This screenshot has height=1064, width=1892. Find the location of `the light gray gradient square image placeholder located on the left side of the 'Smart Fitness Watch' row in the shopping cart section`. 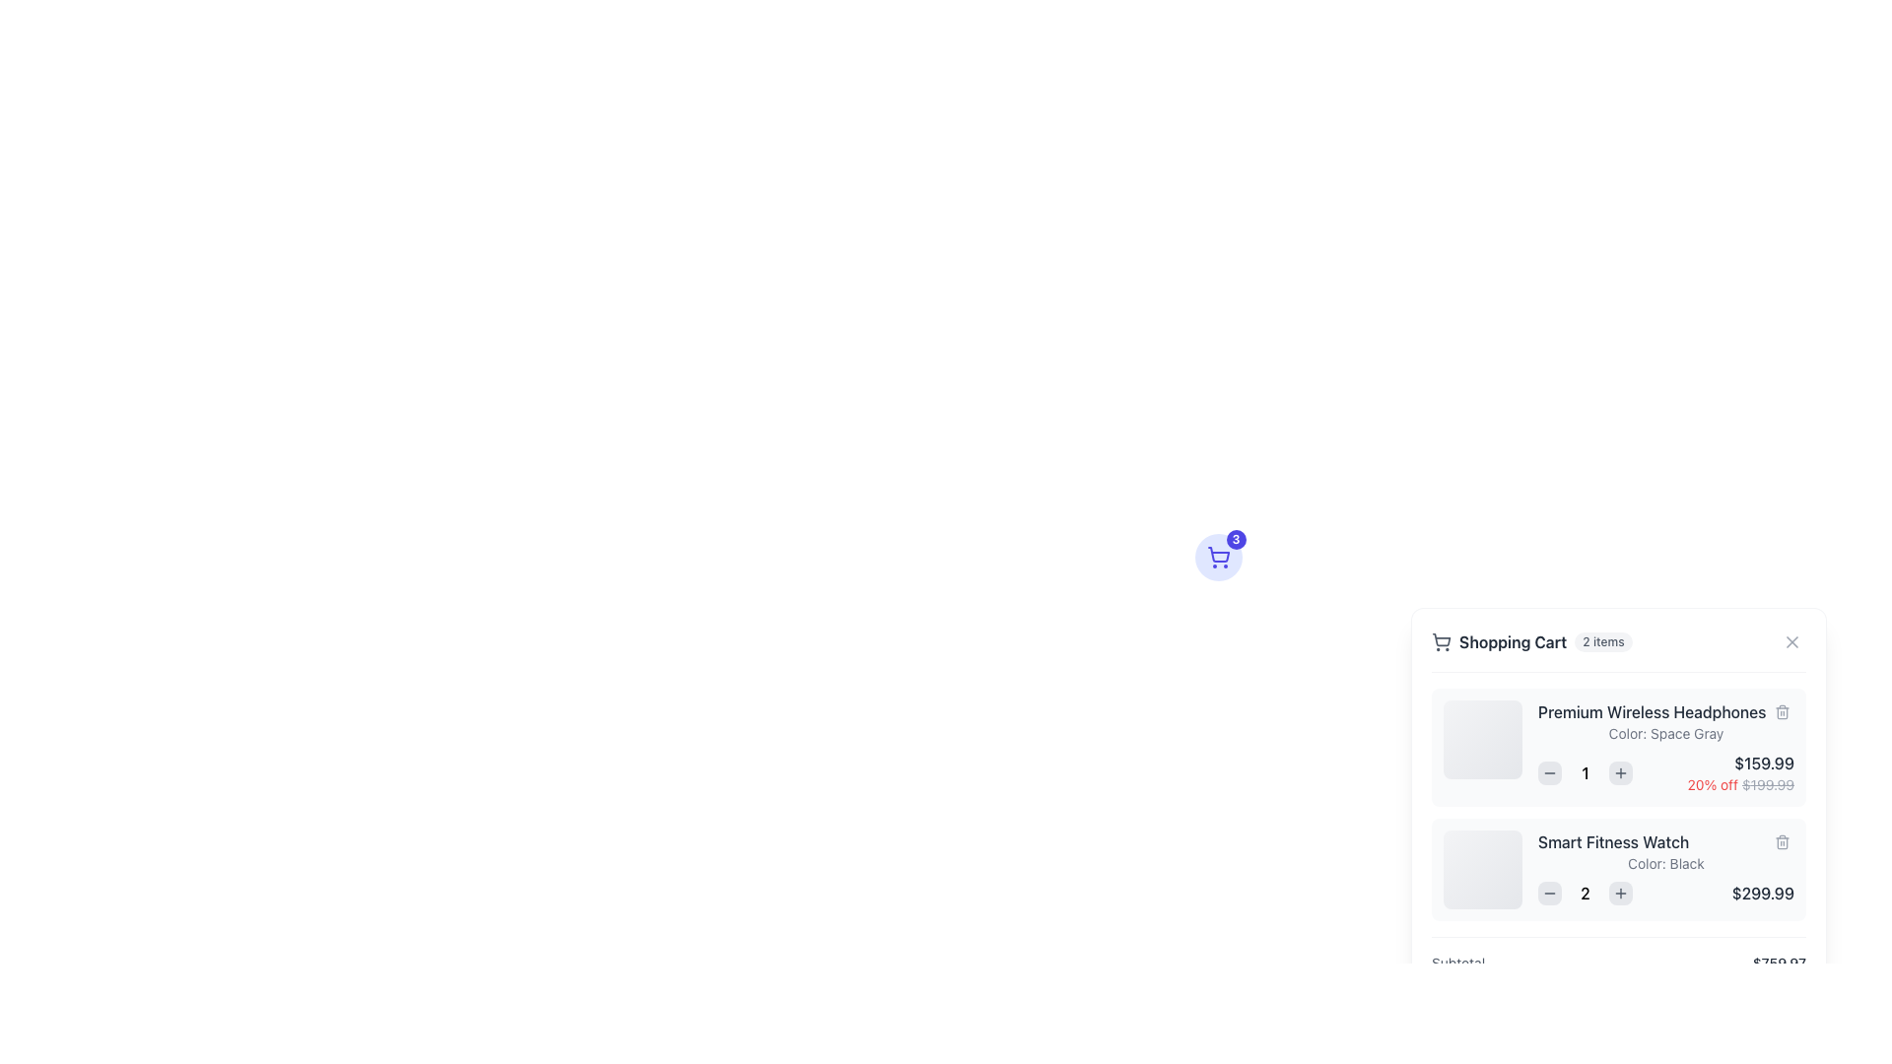

the light gray gradient square image placeholder located on the left side of the 'Smart Fitness Watch' row in the shopping cart section is located at coordinates (1483, 869).